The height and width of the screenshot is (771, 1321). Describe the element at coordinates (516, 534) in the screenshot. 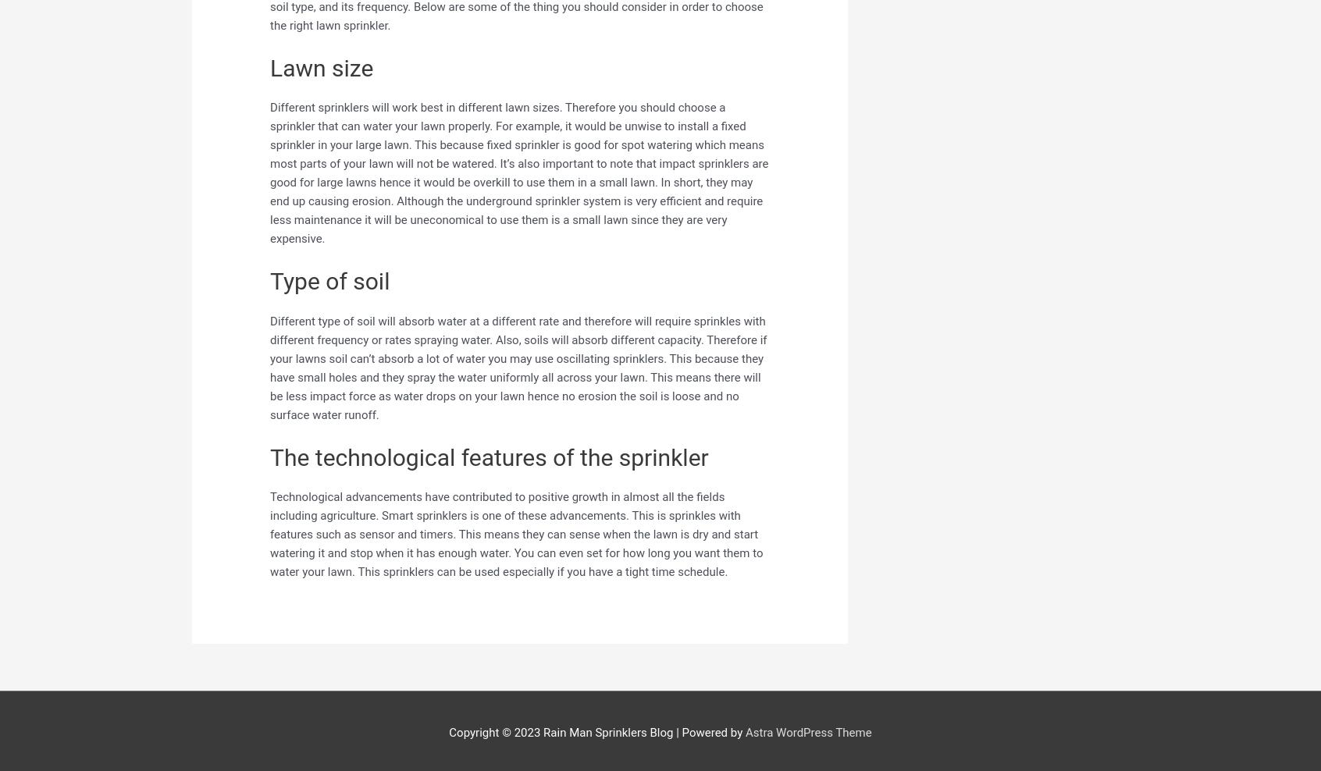

I see `'Technological advancements have contributed to positive growth in almost all the fields including agriculture. Smart sprinklers is one of these advancements. This is sprinkles with features such as sensor and timers. This means they can sense when the lawn is dry and start watering it and stop when it has enough water. You can even set for how long you want them to water your lawn. This sprinklers can be used especially if you have a tight time schedule.'` at that location.